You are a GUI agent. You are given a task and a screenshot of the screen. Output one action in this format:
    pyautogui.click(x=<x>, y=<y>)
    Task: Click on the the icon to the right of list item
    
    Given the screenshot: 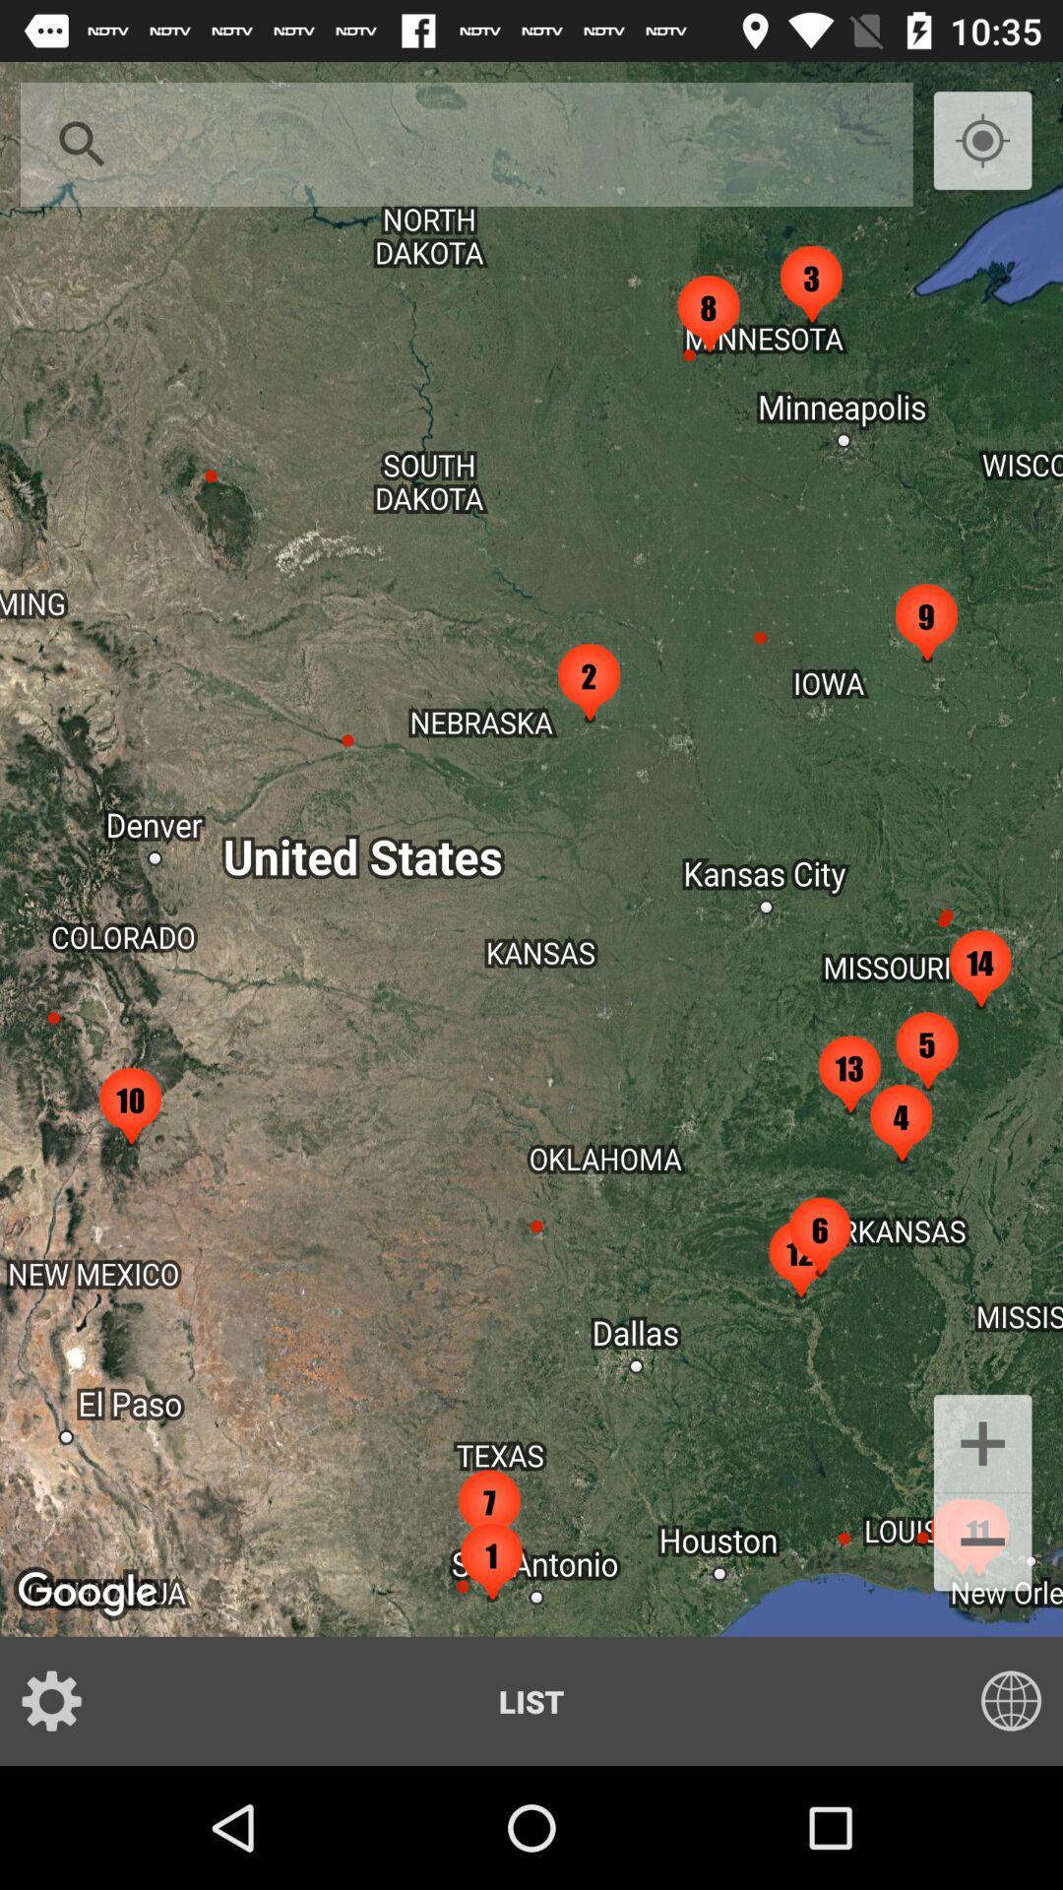 What is the action you would take?
    pyautogui.click(x=998, y=1700)
    